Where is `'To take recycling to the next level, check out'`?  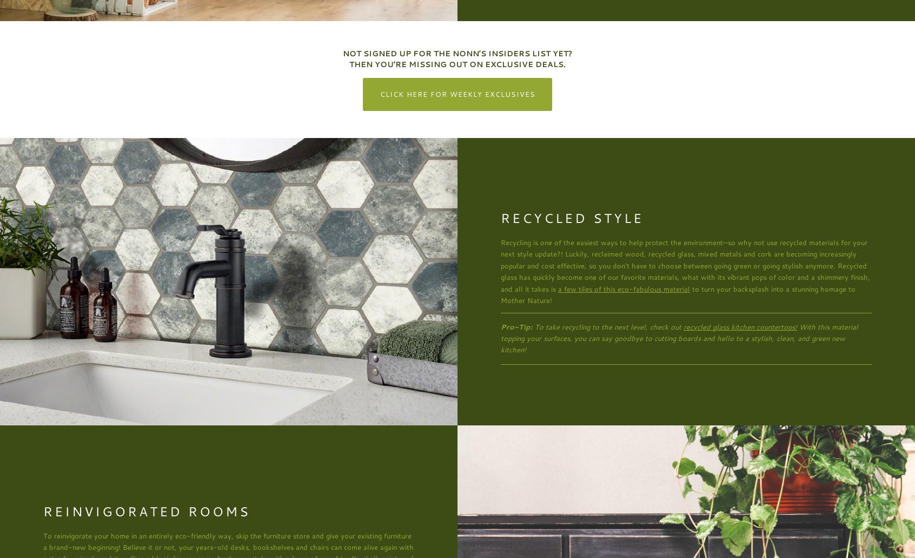 'To take recycling to the next level, check out' is located at coordinates (608, 326).